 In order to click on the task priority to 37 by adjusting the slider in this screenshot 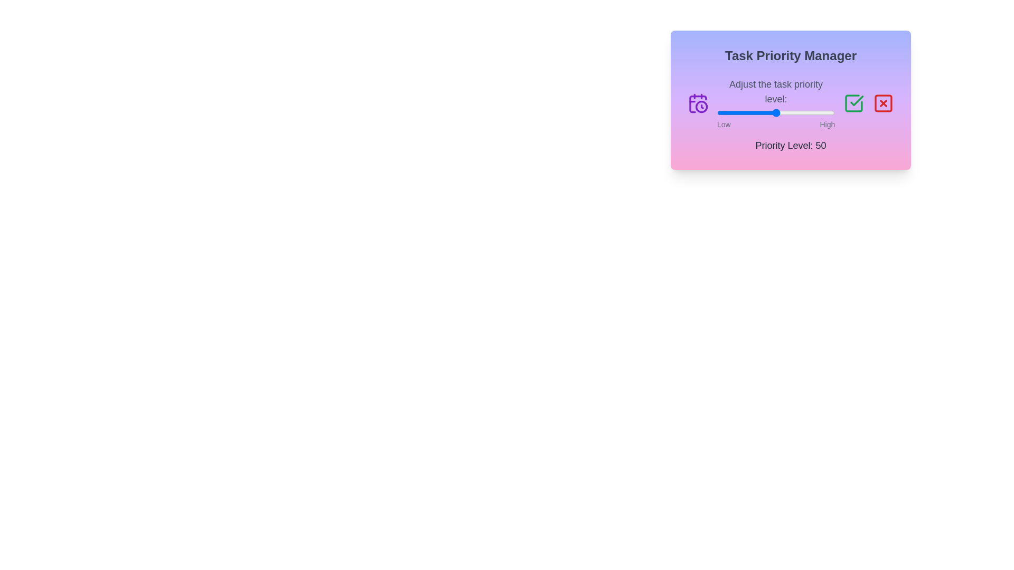, I will do `click(760, 112)`.